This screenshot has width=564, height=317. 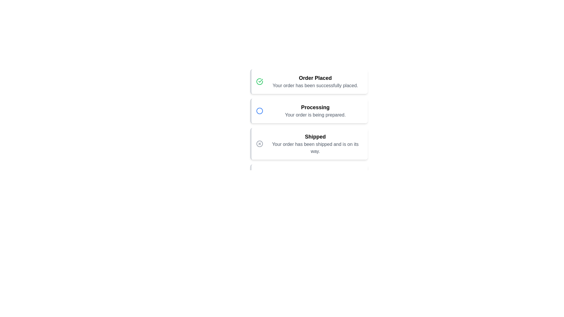 I want to click on the status icon of the step with title Order Placed, so click(x=259, y=81).